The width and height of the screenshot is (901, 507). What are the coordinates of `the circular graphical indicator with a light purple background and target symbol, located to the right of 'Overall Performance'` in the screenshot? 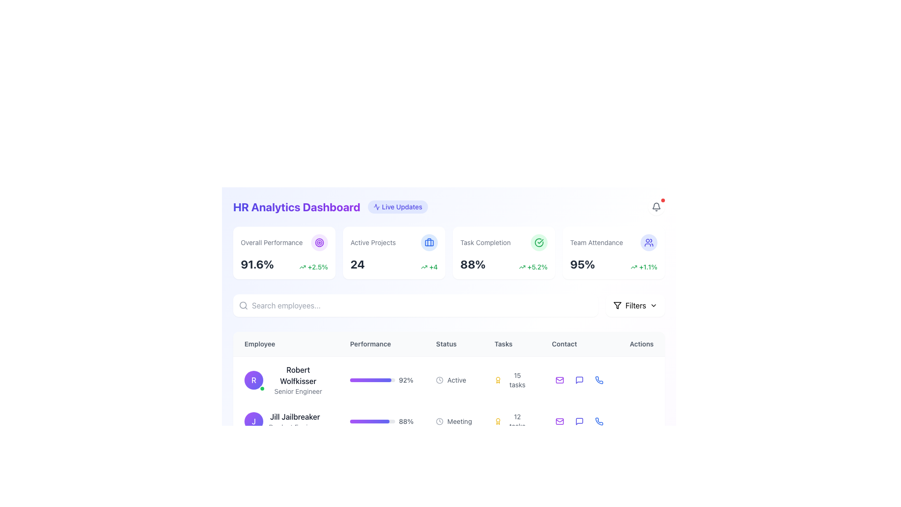 It's located at (320, 242).